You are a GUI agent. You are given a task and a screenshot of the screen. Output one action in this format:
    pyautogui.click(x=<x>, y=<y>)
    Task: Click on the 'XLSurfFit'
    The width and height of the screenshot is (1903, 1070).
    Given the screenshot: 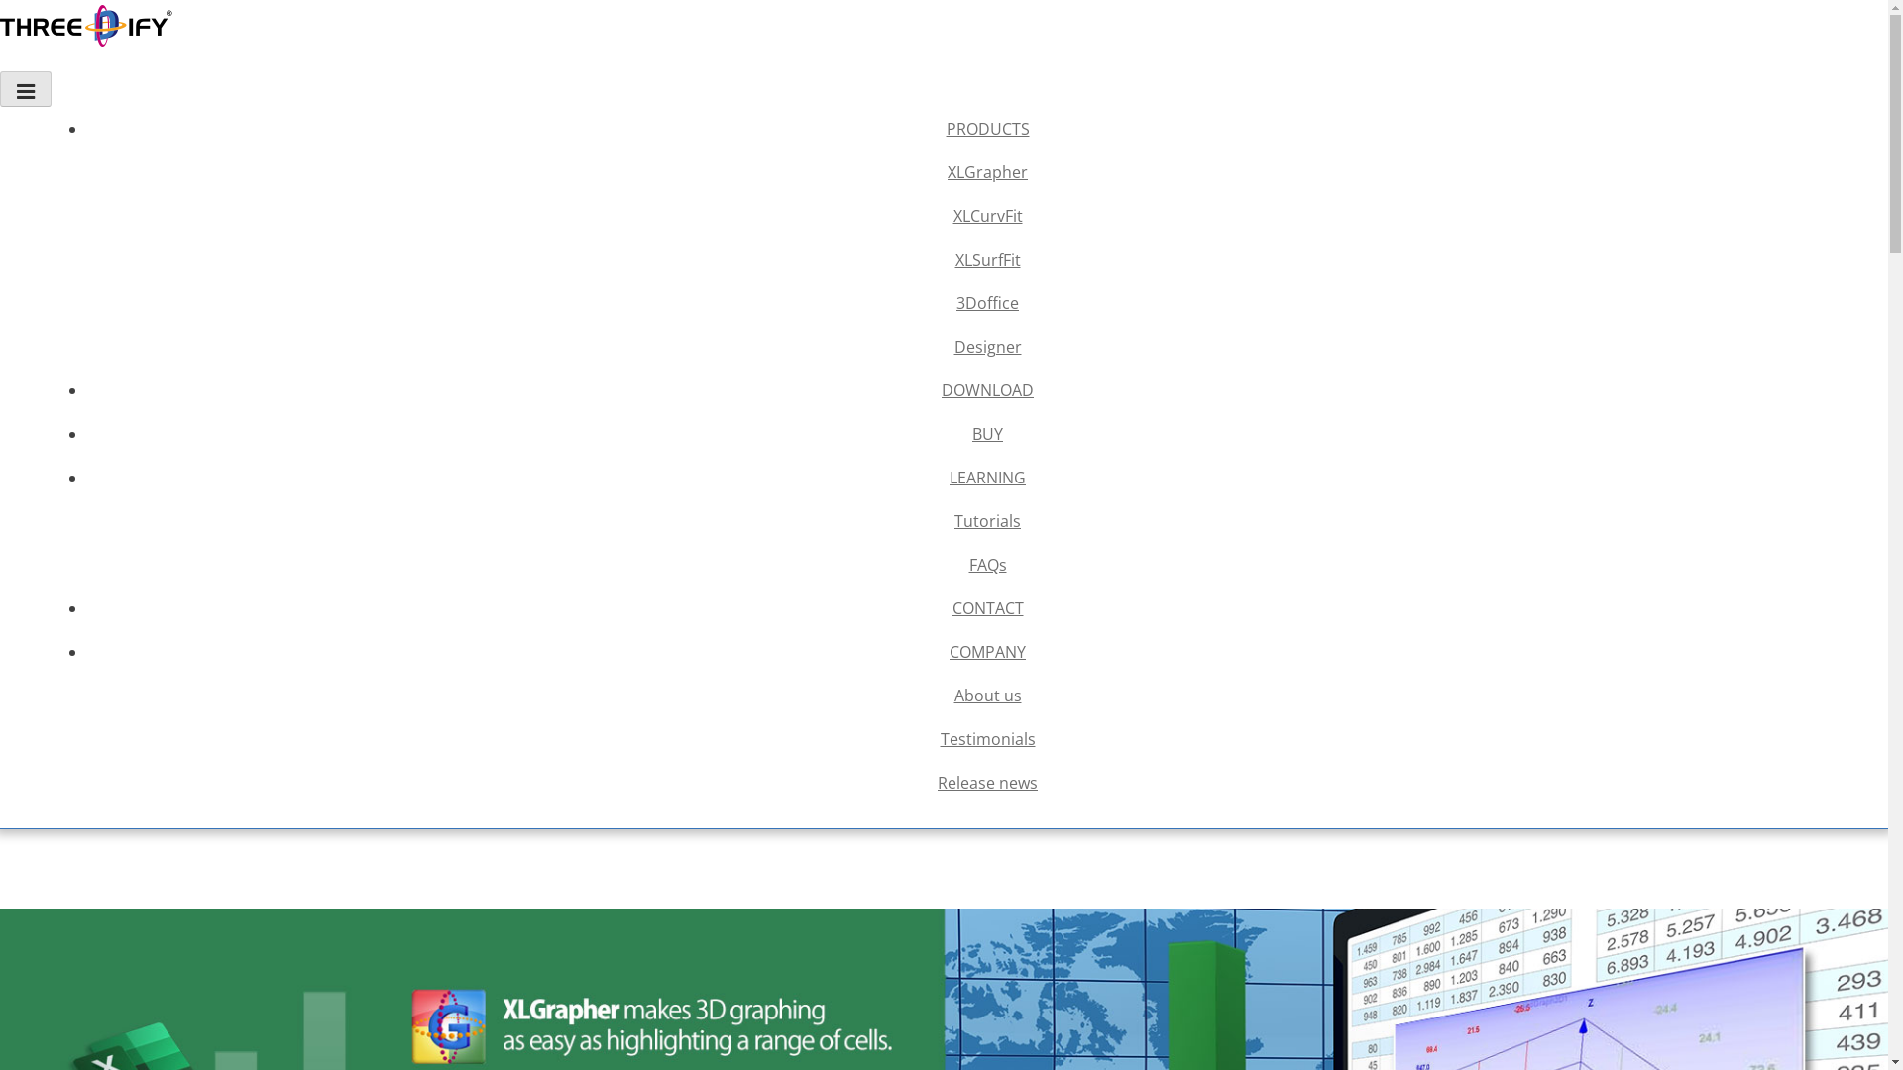 What is the action you would take?
    pyautogui.click(x=987, y=259)
    